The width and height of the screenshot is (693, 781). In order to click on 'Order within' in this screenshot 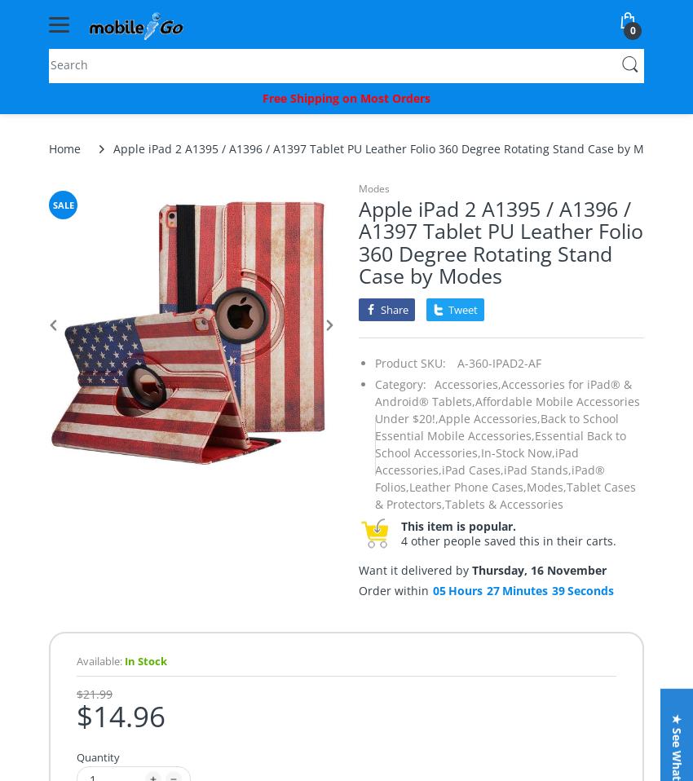, I will do `click(357, 589)`.